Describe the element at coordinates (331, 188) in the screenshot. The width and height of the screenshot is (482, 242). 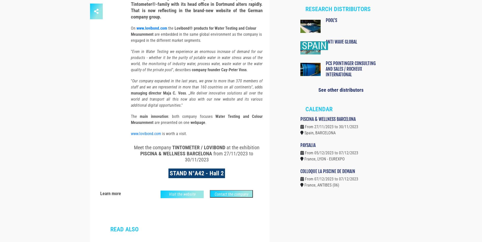
I see `'From 07/12/2023 to 07/12/2023'` at that location.